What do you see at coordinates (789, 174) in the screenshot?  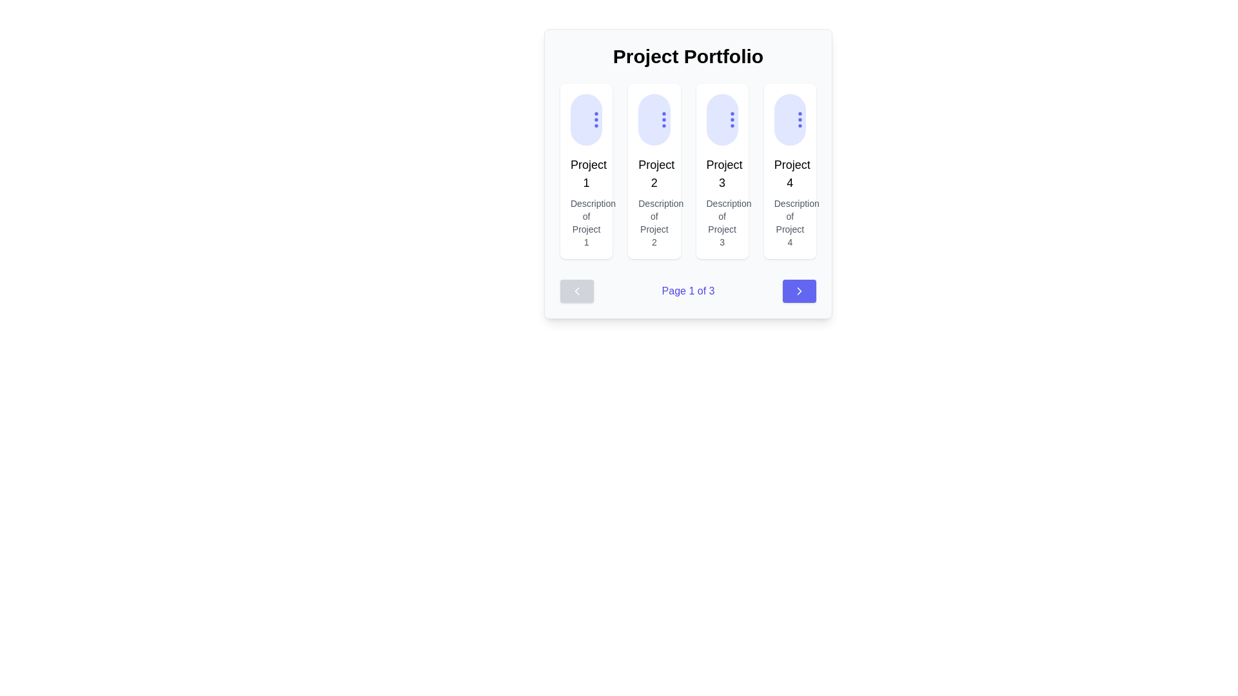 I see `the bold text label displaying 'Project 4', which is centered within the fourth card in a horizontal series of cards` at bounding box center [789, 174].